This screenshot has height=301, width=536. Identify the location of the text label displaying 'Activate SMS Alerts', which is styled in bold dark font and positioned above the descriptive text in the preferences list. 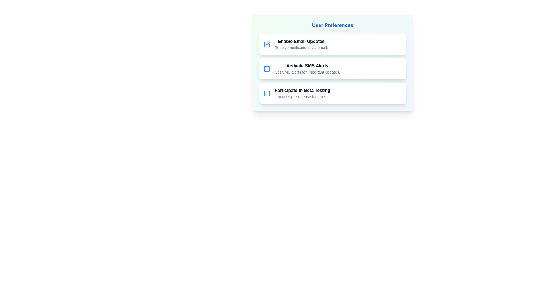
(307, 65).